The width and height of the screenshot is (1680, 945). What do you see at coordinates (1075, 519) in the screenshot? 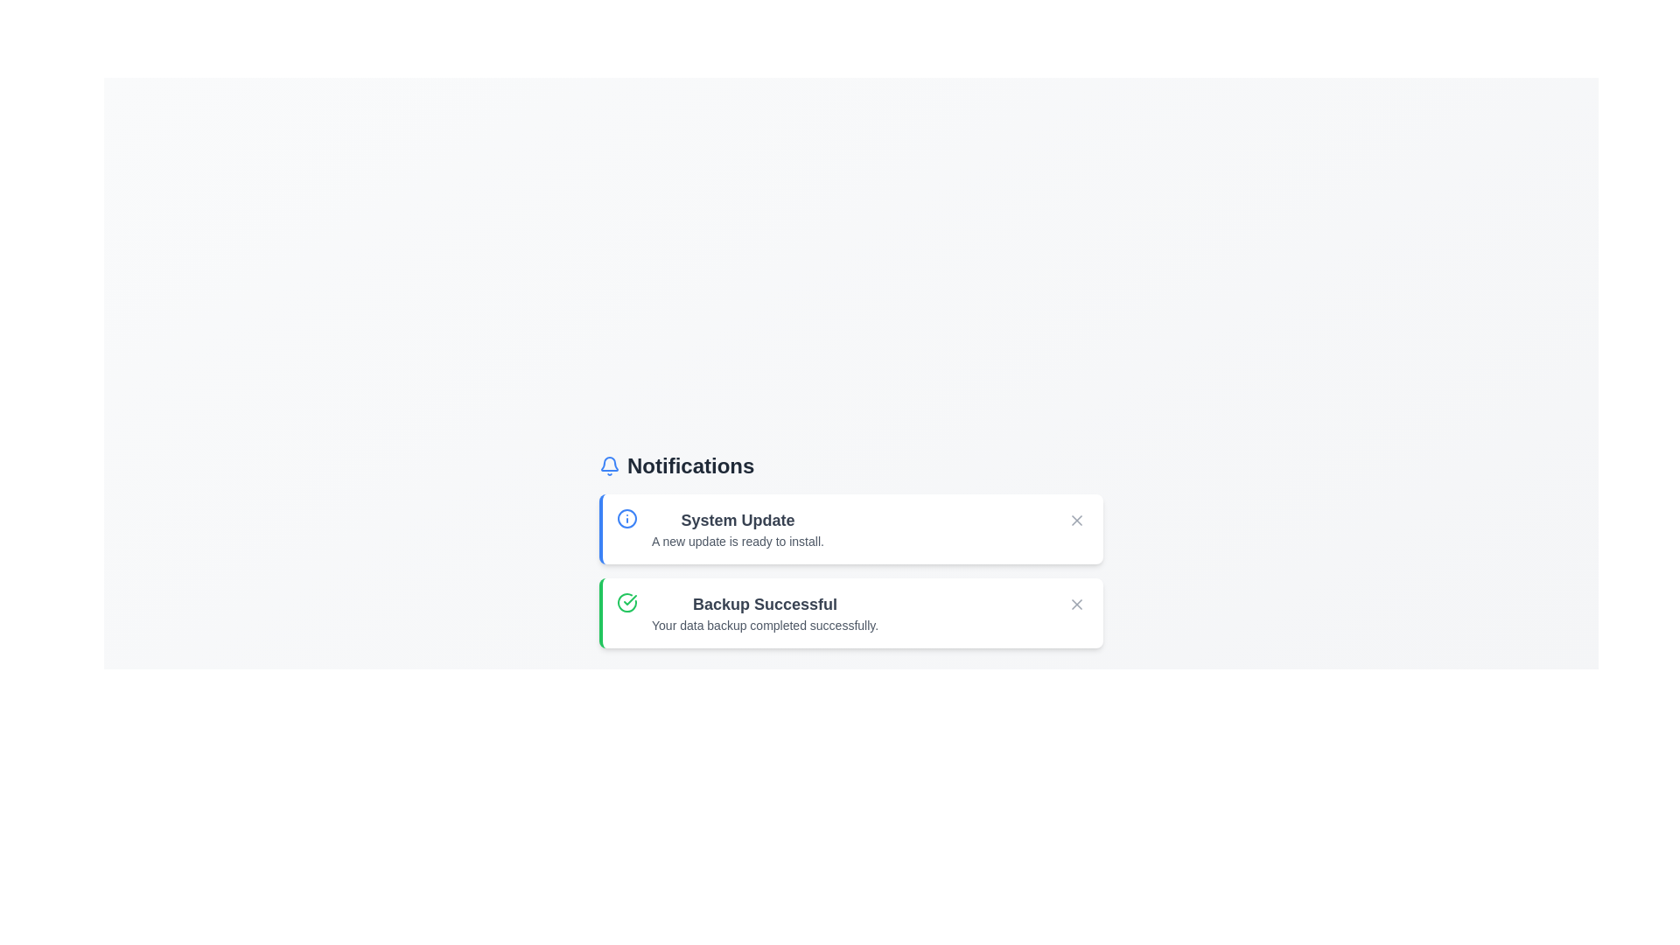
I see `the 'X' icon button located on the right side of the 'System Update' notification` at bounding box center [1075, 519].